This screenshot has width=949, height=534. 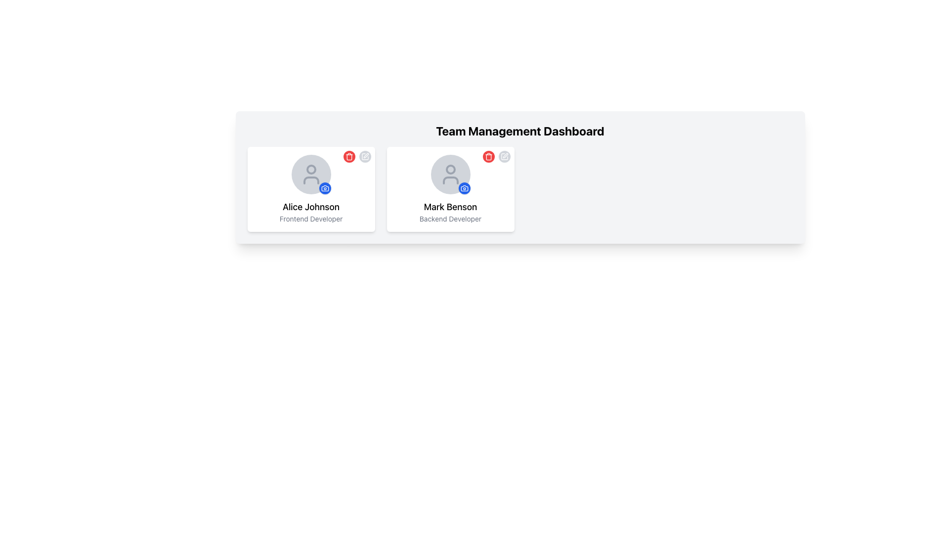 What do you see at coordinates (310, 174) in the screenshot?
I see `the camera icon on the Profile Picture Placeholder for user 'Alice Johnson' to upload a profile picture` at bounding box center [310, 174].